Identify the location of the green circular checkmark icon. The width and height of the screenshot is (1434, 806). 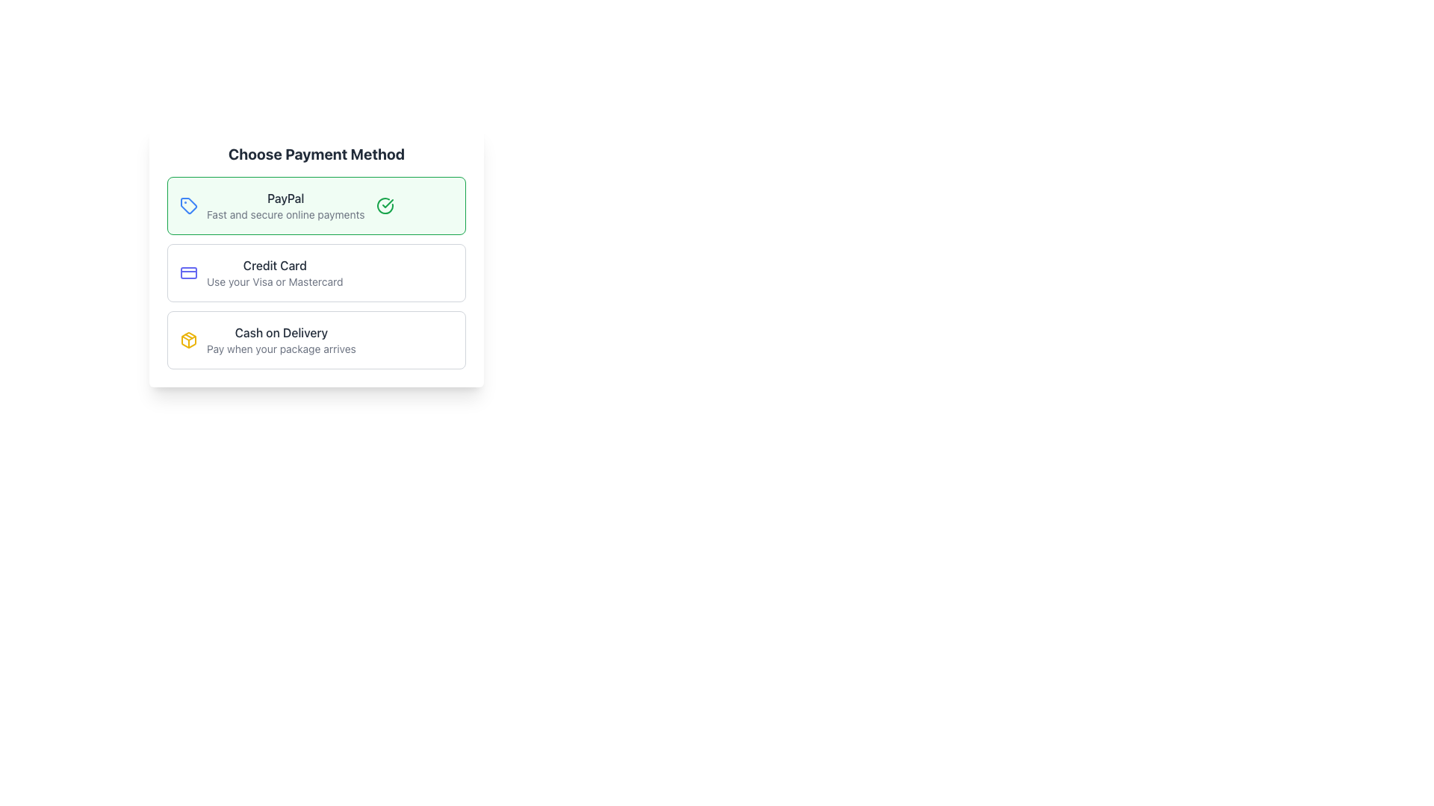
(385, 206).